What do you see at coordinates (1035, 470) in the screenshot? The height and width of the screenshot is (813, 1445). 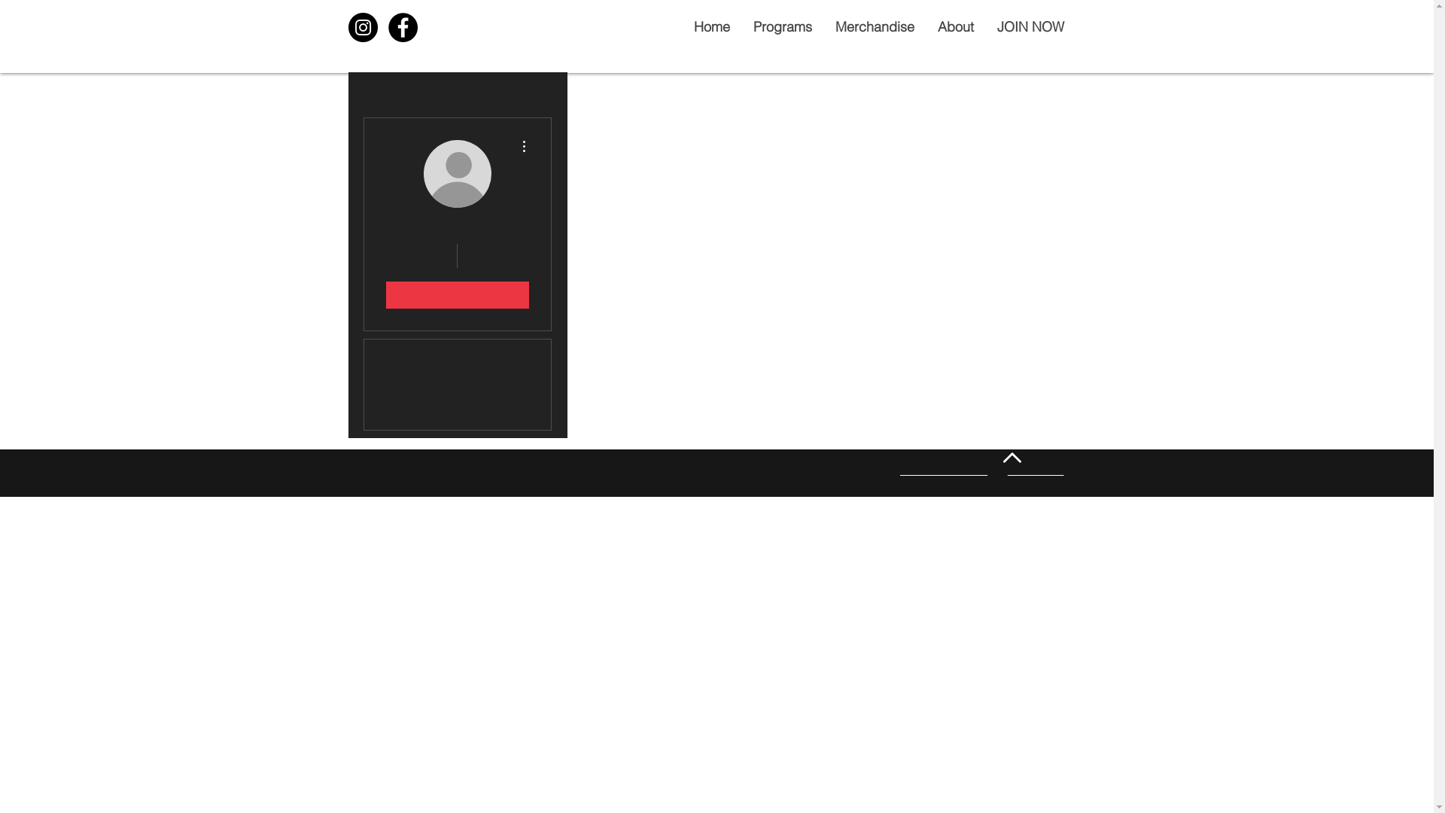 I see `'Privacy Policy'` at bounding box center [1035, 470].